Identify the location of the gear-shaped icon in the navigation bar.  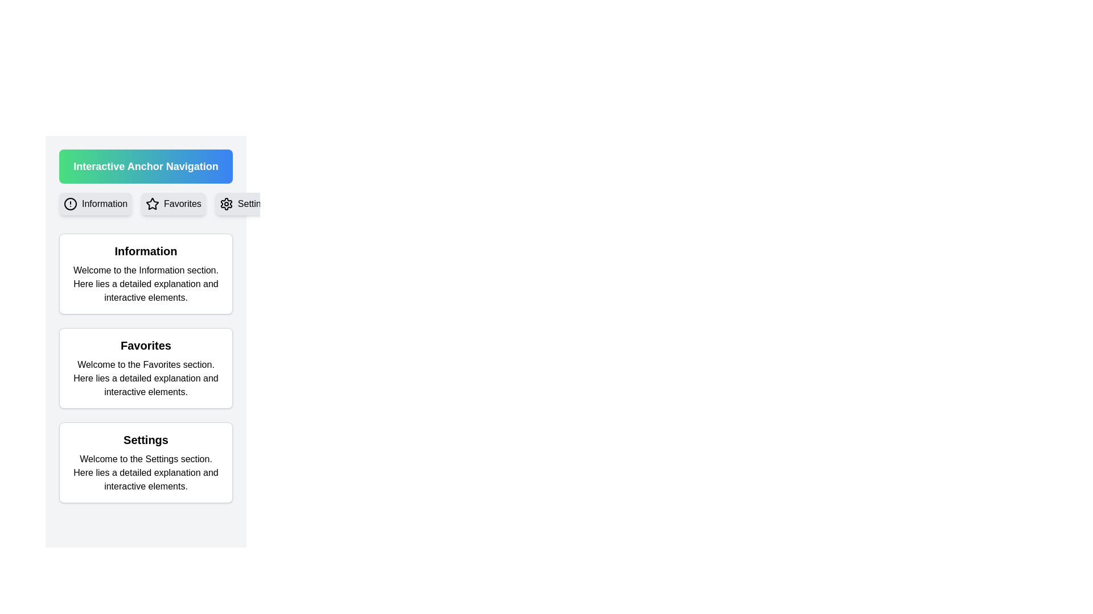
(226, 203).